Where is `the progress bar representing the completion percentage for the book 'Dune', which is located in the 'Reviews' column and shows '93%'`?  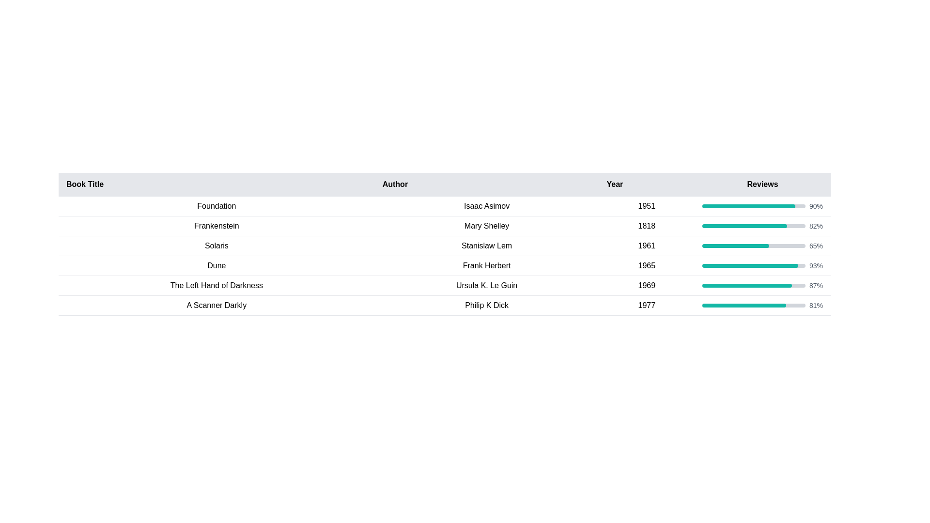 the progress bar representing the completion percentage for the book 'Dune', which is located in the 'Reviews' column and shows '93%' is located at coordinates (753, 265).